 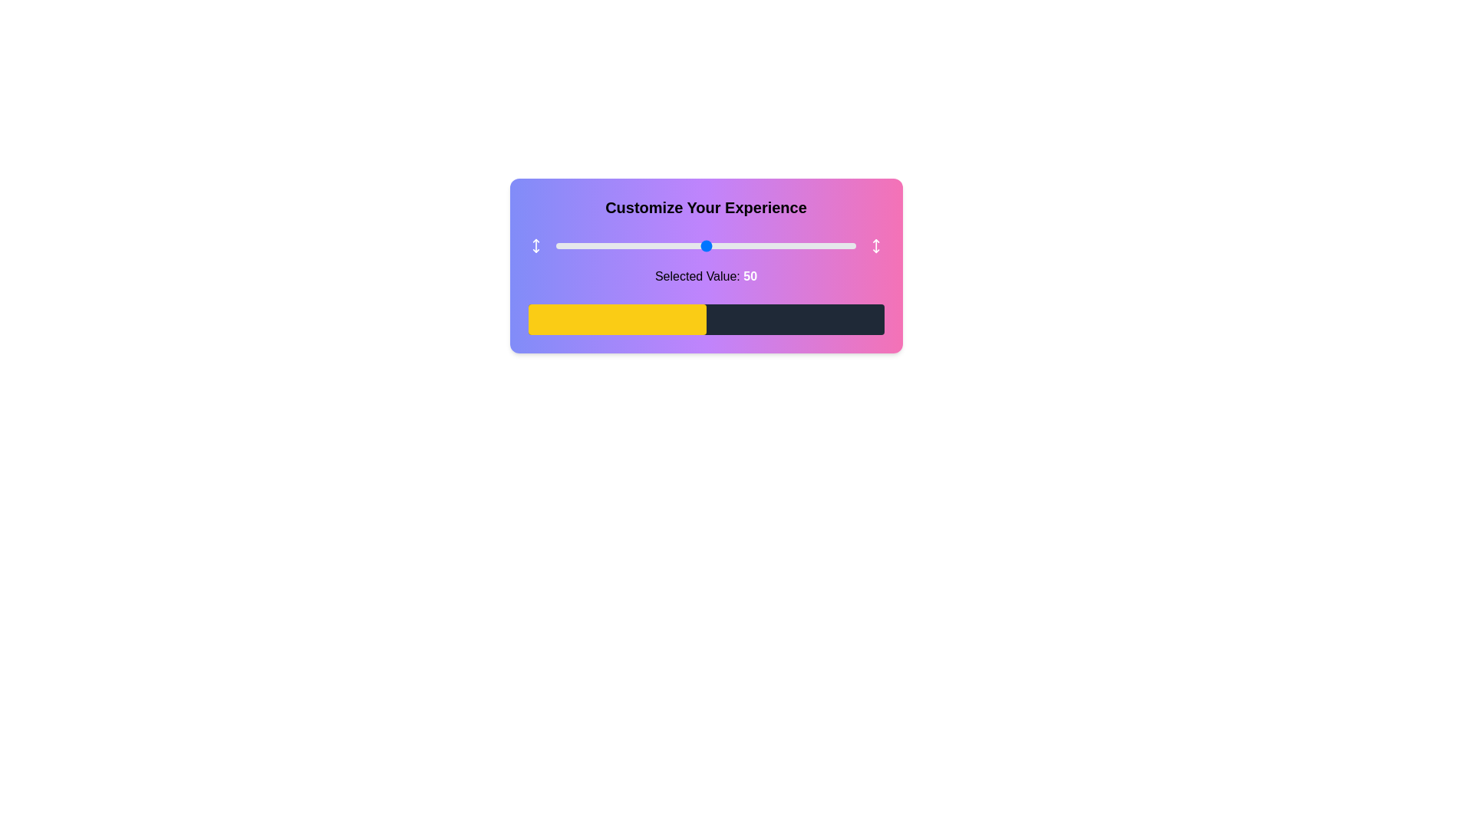 What do you see at coordinates (816, 245) in the screenshot?
I see `the slider to set its value to 87` at bounding box center [816, 245].